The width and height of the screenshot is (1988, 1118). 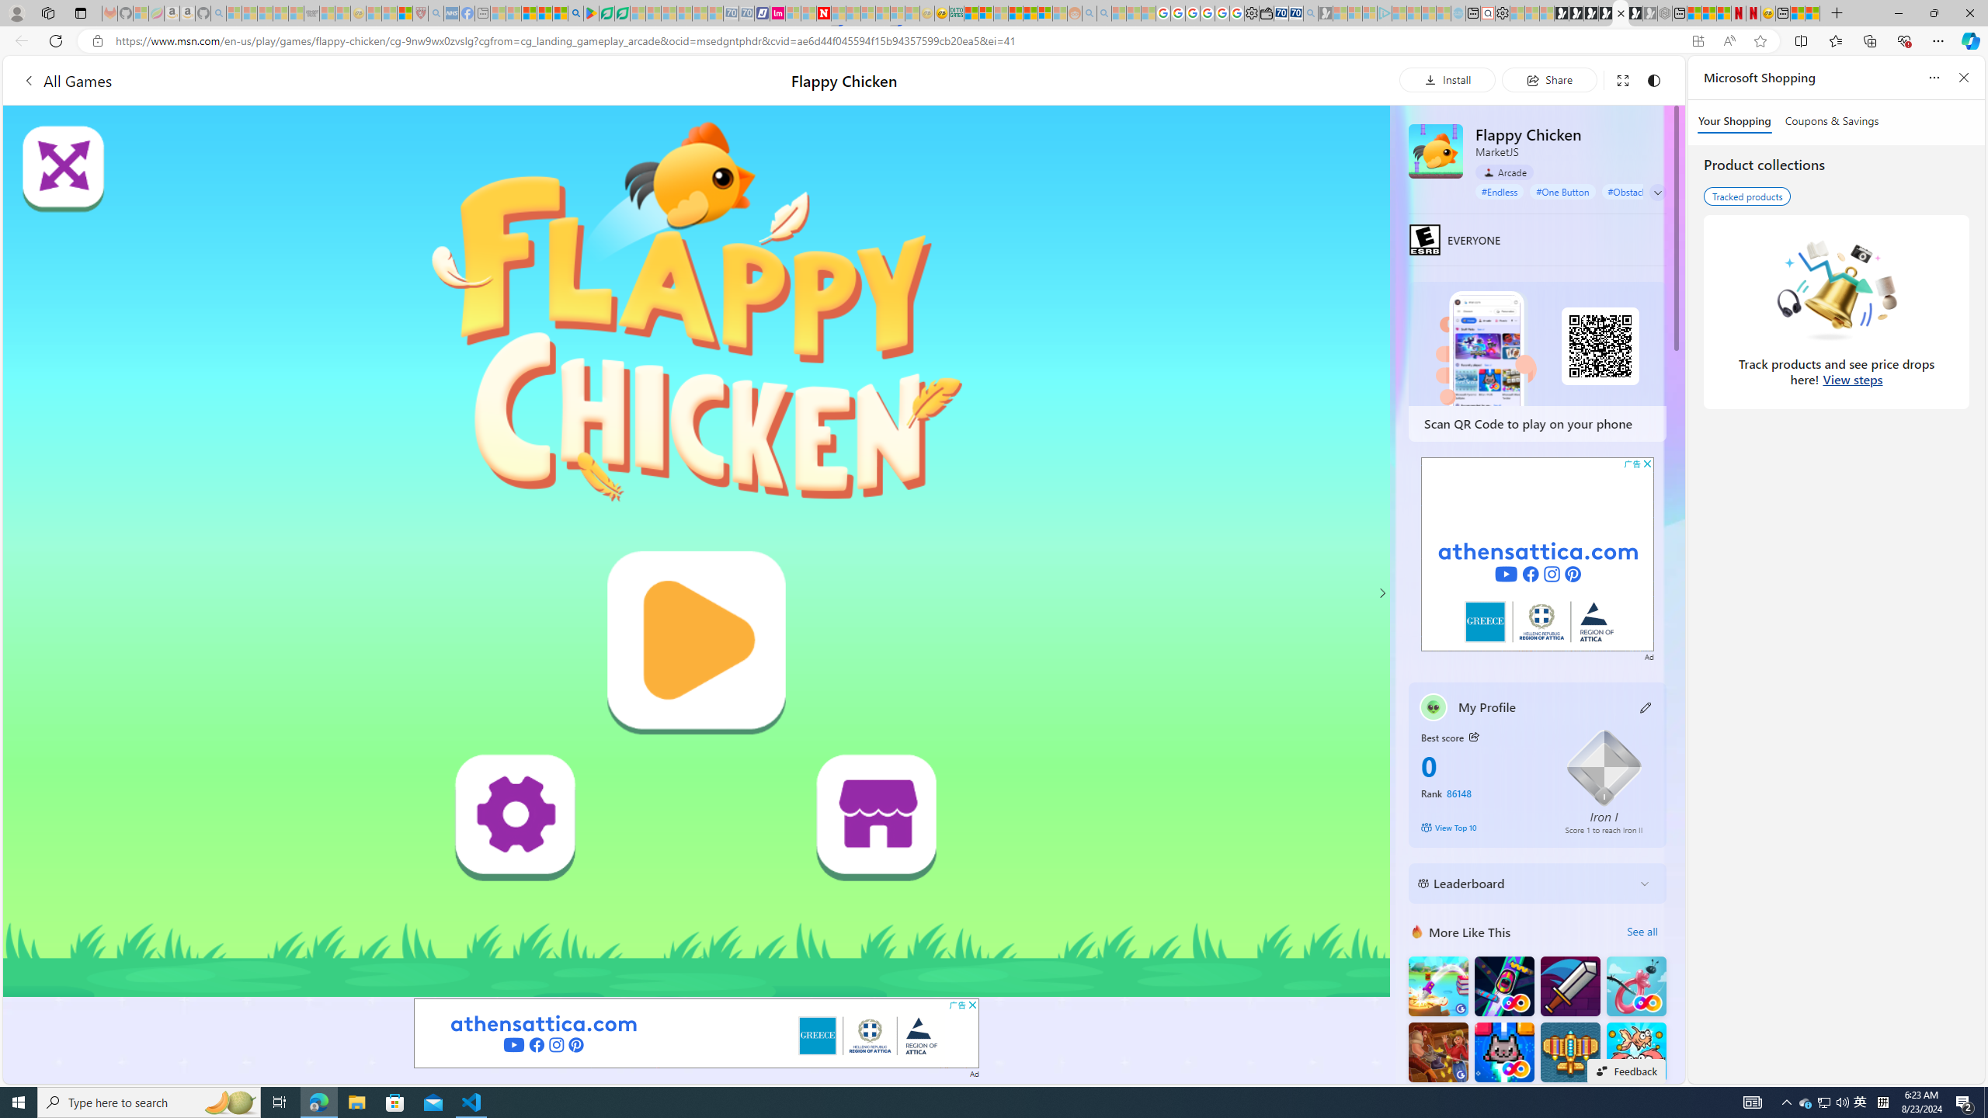 What do you see at coordinates (591, 12) in the screenshot?
I see `'Bluey: Let'` at bounding box center [591, 12].